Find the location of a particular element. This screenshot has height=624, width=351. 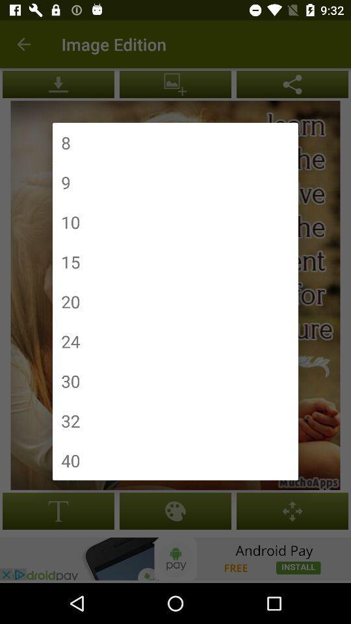

the 20 icon is located at coordinates (70, 302).